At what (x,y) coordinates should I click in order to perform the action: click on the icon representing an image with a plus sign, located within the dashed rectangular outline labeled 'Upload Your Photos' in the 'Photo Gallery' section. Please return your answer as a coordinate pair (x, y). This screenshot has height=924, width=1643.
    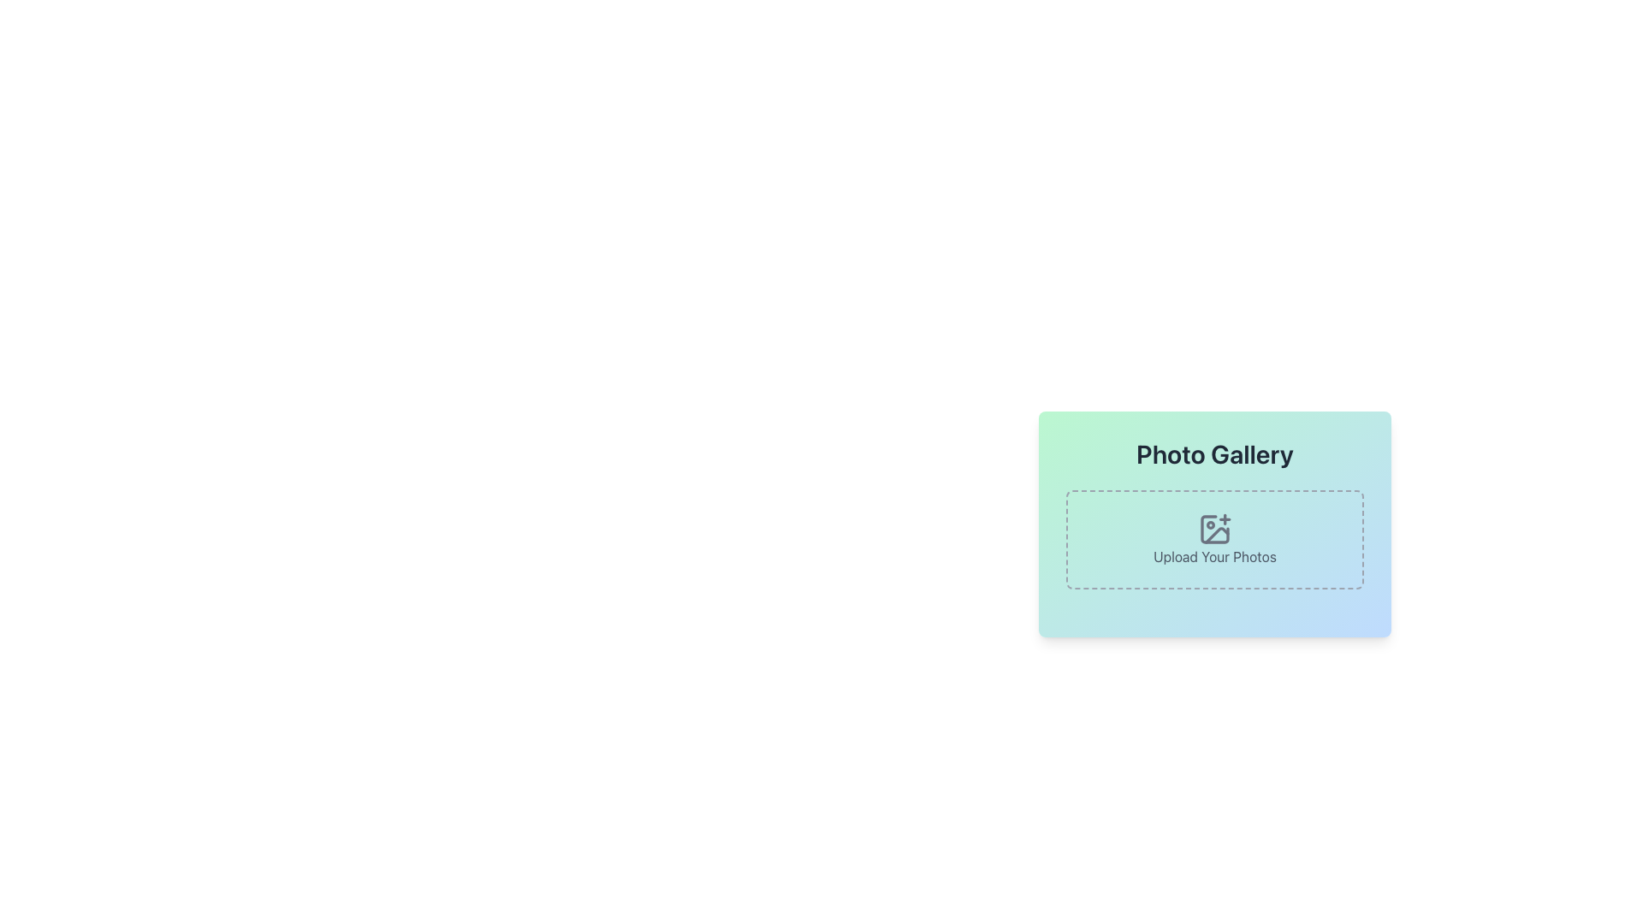
    Looking at the image, I should click on (1214, 528).